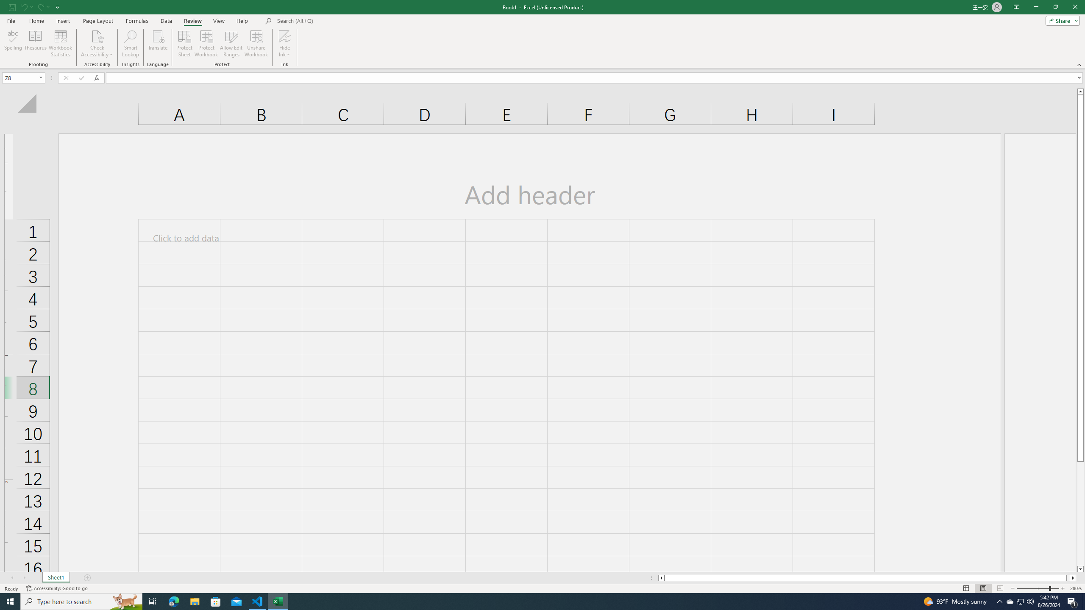 The width and height of the screenshot is (1085, 610). Describe the element at coordinates (35, 44) in the screenshot. I see `'Thesaurus...'` at that location.